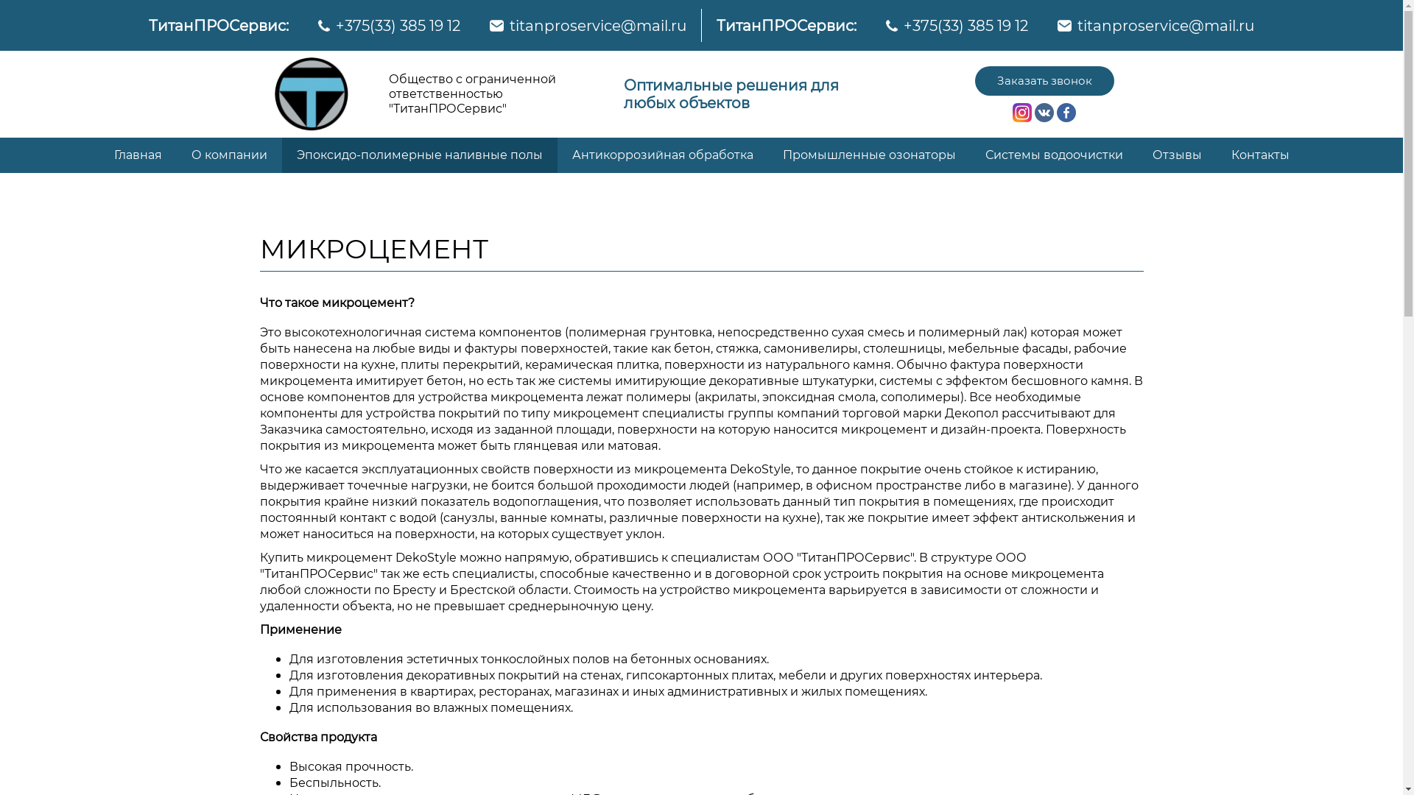 The height and width of the screenshot is (795, 1414). Describe the element at coordinates (1077, 25) in the screenshot. I see `'titanproservice@mail.ru'` at that location.